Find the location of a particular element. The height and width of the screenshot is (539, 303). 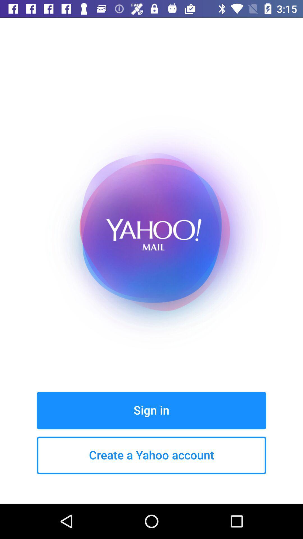

sign in is located at coordinates (151, 410).